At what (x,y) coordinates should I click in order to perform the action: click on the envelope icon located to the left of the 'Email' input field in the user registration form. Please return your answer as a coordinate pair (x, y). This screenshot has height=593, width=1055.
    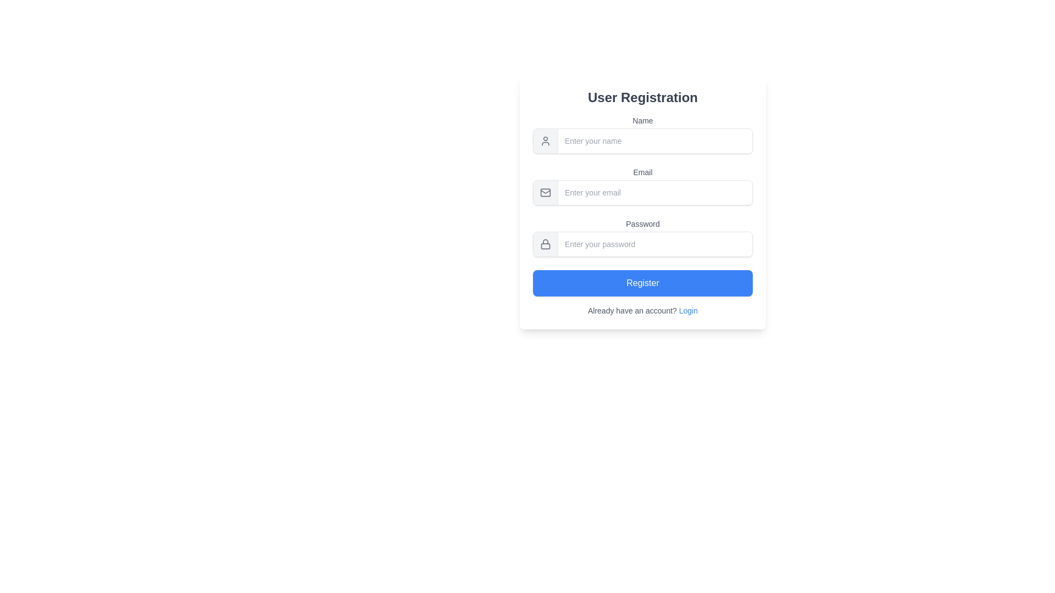
    Looking at the image, I should click on (546, 192).